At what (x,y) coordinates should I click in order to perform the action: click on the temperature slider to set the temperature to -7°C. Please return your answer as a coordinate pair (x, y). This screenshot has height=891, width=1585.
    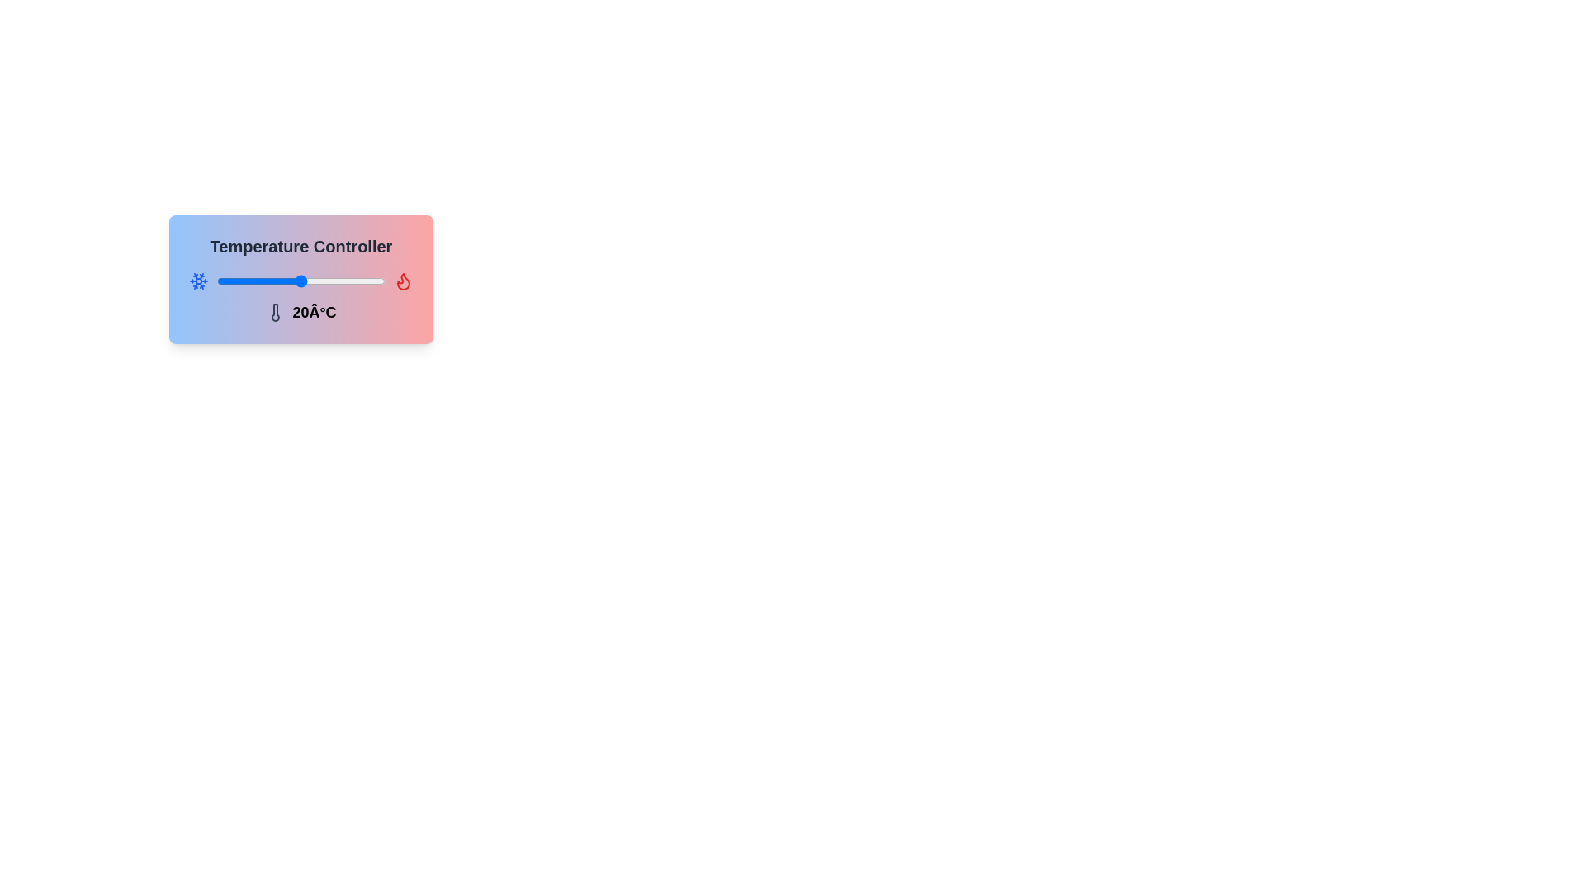
    Looking at the image, I should click on (225, 280).